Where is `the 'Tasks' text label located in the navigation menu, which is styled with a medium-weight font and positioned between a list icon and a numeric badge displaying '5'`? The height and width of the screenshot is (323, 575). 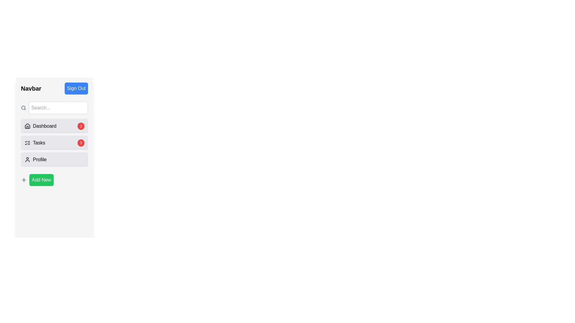
the 'Tasks' text label located in the navigation menu, which is styled with a medium-weight font and positioned between a list icon and a numeric badge displaying '5' is located at coordinates (39, 143).